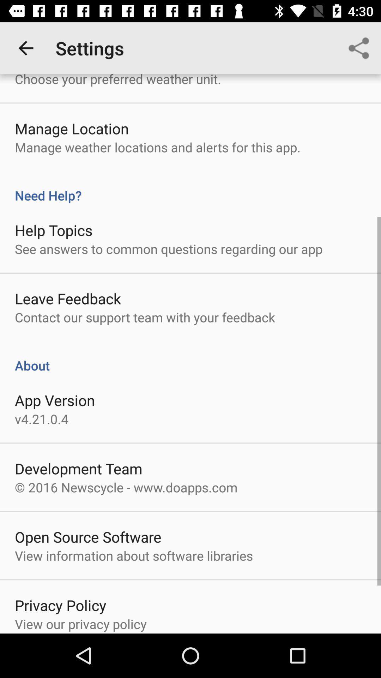  What do you see at coordinates (126, 487) in the screenshot?
I see `the item above the open source software` at bounding box center [126, 487].